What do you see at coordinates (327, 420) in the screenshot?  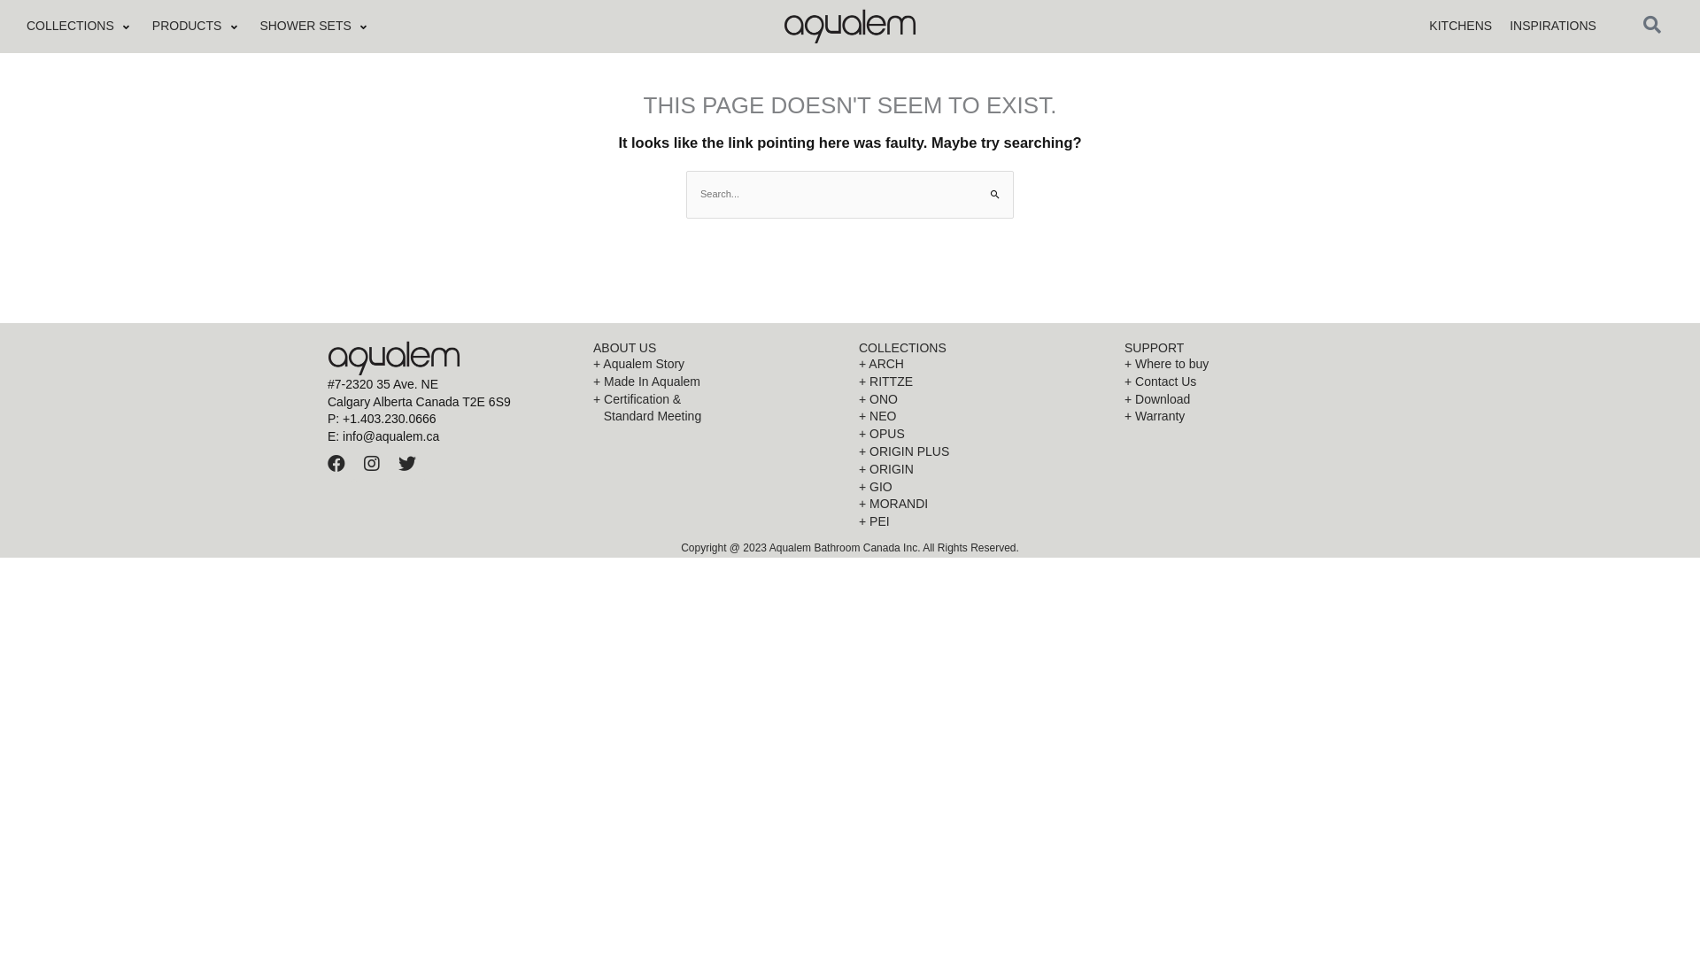 I see `'P: +1.403.230.0666'` at bounding box center [327, 420].